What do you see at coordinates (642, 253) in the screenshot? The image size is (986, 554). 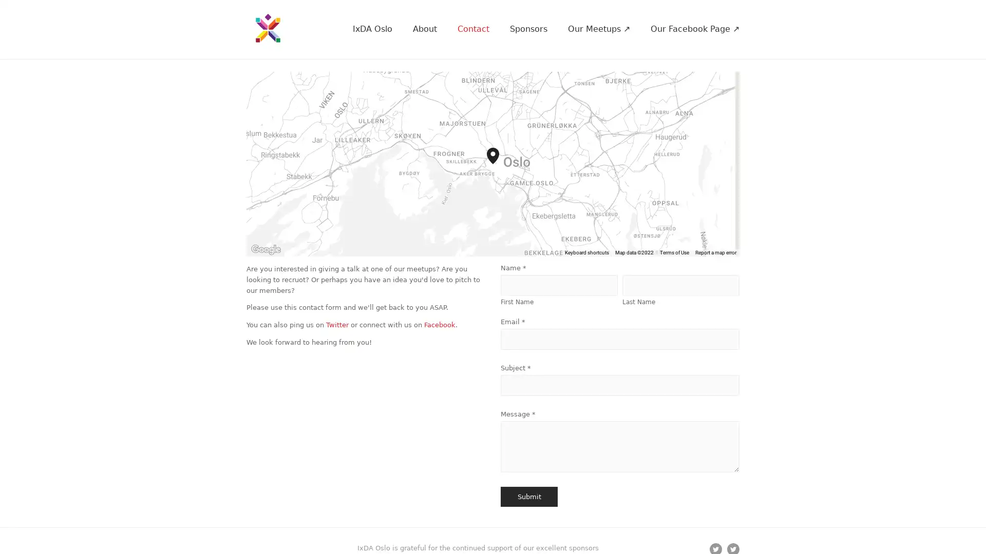 I see `Map Data` at bounding box center [642, 253].